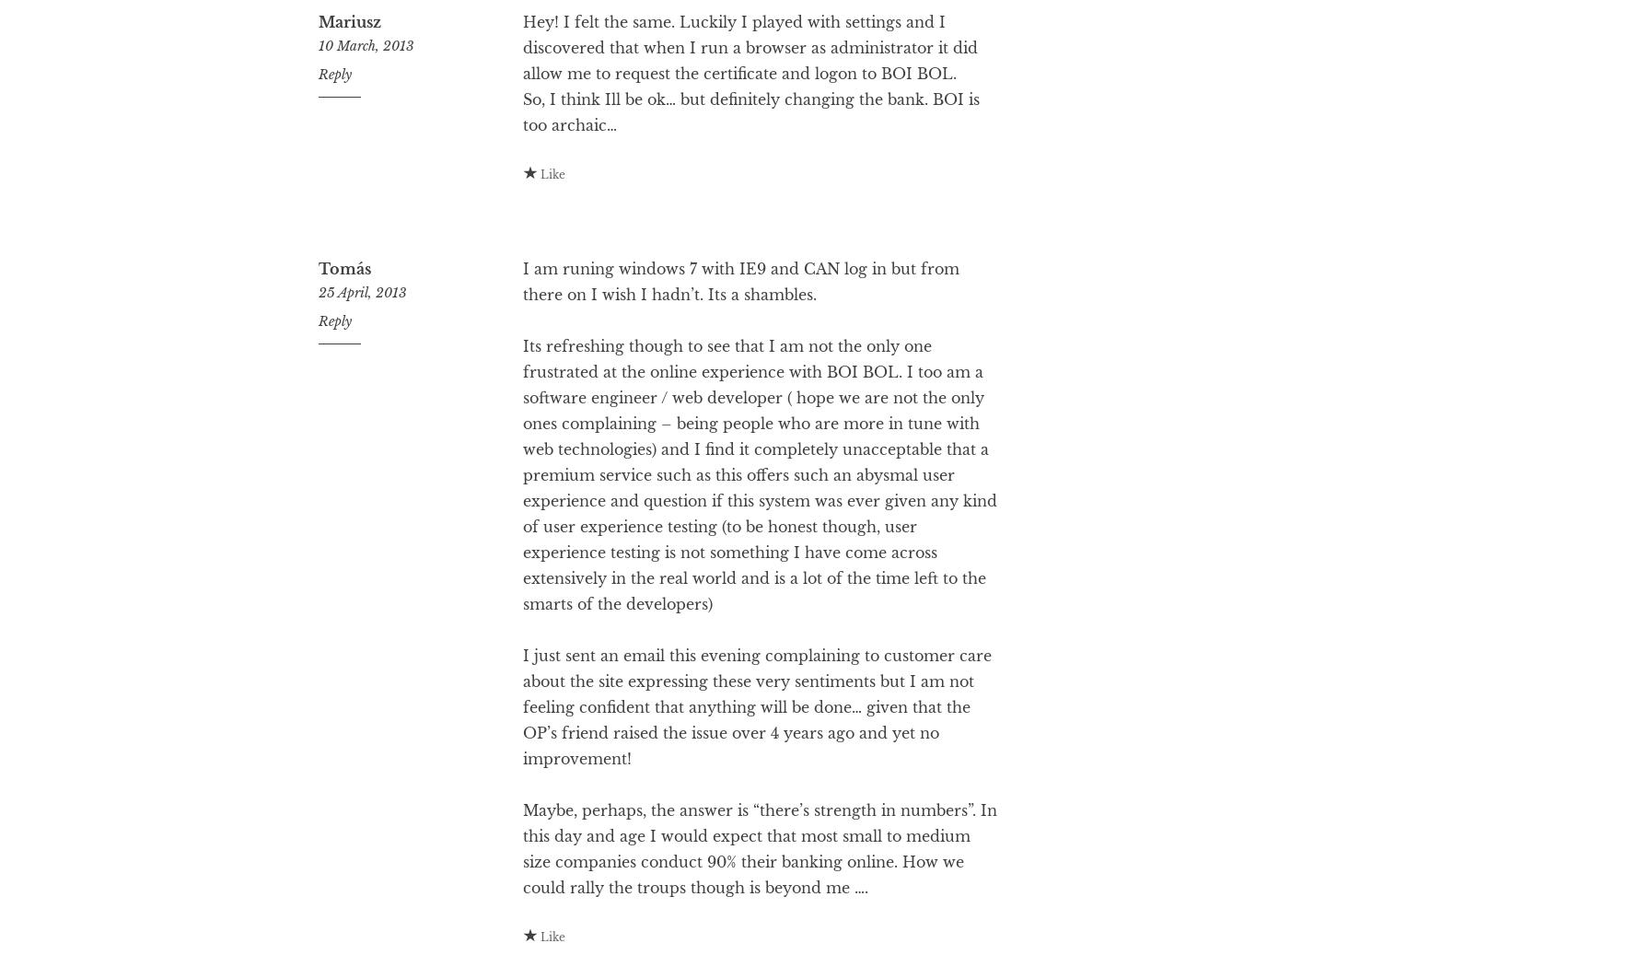 This screenshot has height=955, width=1639. What do you see at coordinates (520, 548) in the screenshot?
I see `'Its refreshing though to see that I am not the only one frustrated at the online experience with BOI BOL. I too am a software engineer / web developer ( hope we are not the only ones complaining – being people who are more in tune with web technologies) and I find it completely unacceptable that a premium service such as this offers such an abysmal user experience and question if this system was ever given any kind of user experience testing (to be honest though, user experience testing is not something I have come across extensively in the real world and is a lot of the time left to the smarts of the developers)'` at bounding box center [520, 548].